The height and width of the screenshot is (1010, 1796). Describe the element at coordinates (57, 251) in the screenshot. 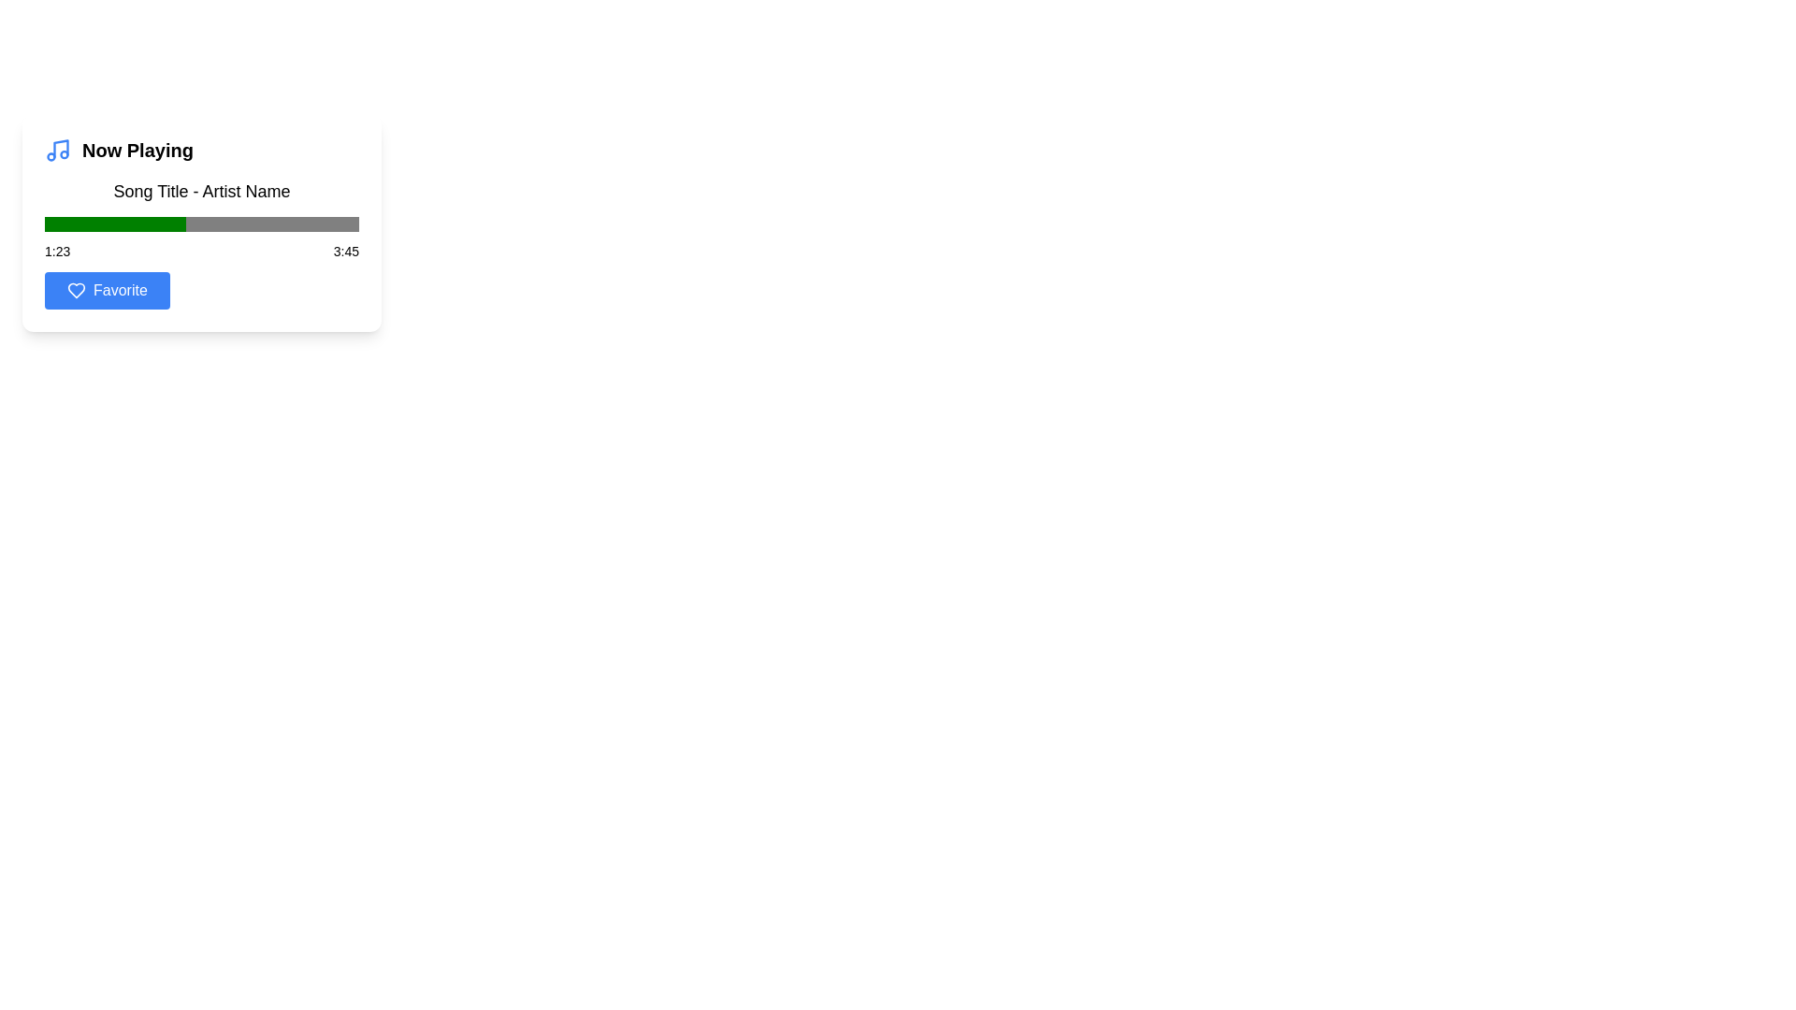

I see `the elapsed time text element showing the current track time in the music player UI, located on the left side of the time-indicating area` at that location.